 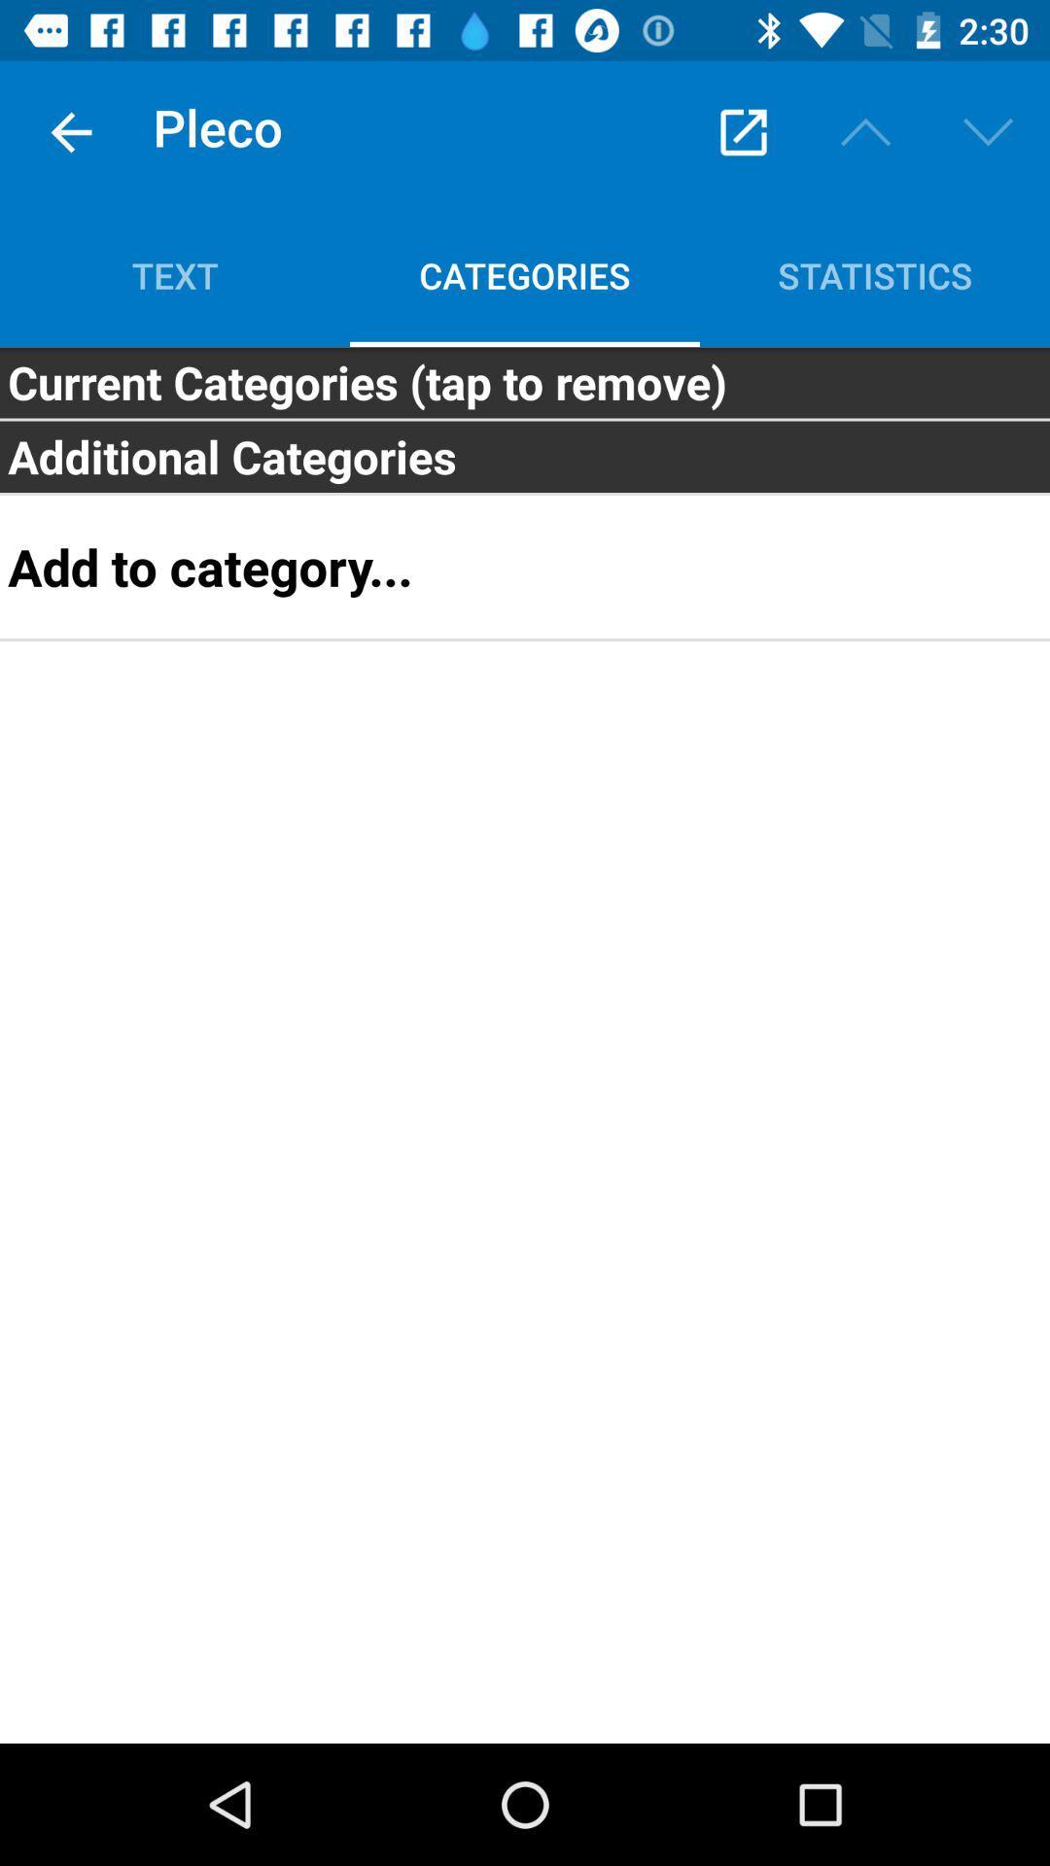 What do you see at coordinates (525, 456) in the screenshot?
I see `additional categories item` at bounding box center [525, 456].